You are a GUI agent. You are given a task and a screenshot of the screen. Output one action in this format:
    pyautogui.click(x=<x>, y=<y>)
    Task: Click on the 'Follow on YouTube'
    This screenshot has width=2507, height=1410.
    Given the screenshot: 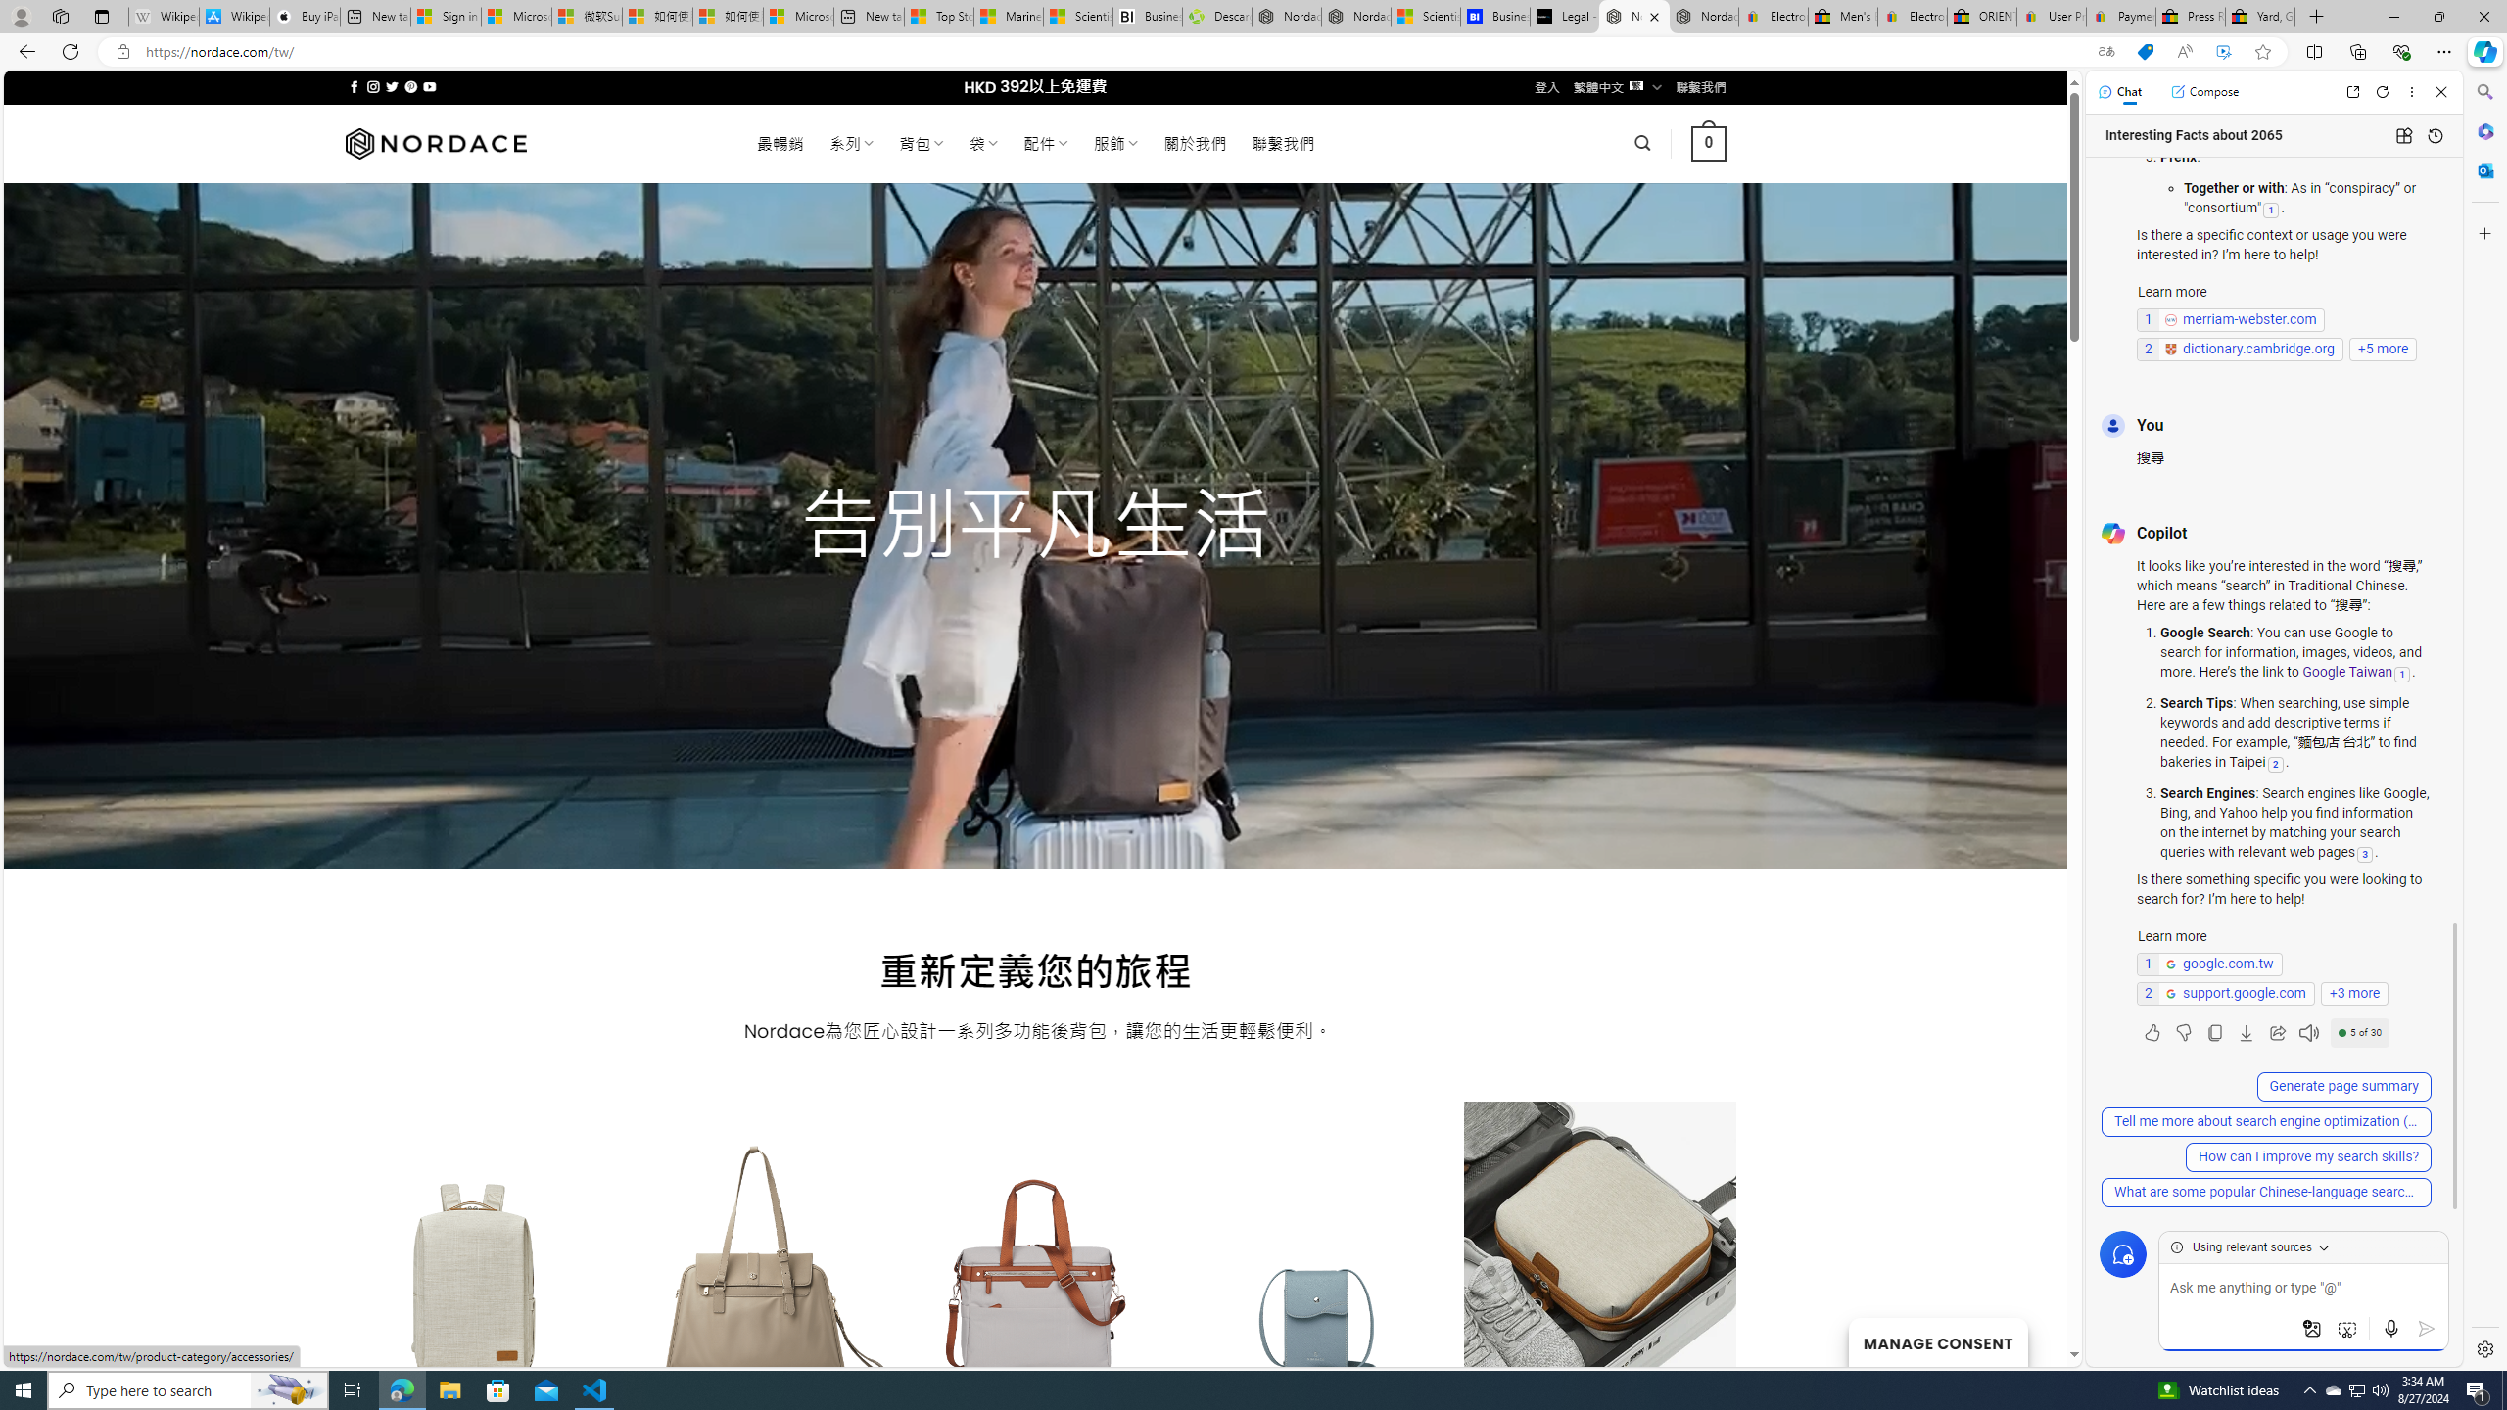 What is the action you would take?
    pyautogui.click(x=430, y=86)
    